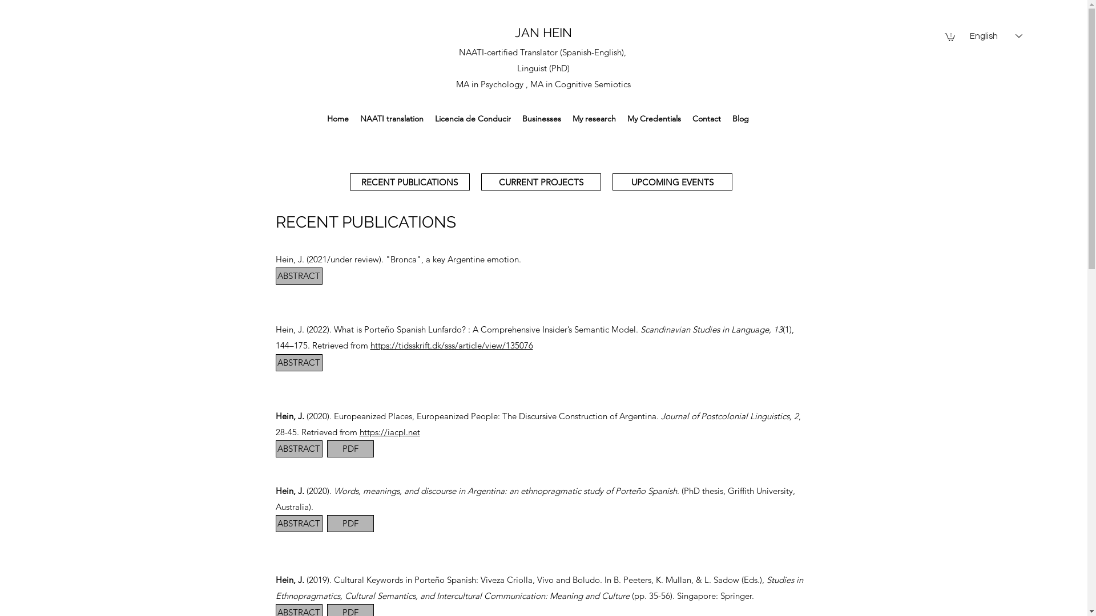 Image resolution: width=1096 pixels, height=616 pixels. I want to click on 'Home', so click(337, 119).